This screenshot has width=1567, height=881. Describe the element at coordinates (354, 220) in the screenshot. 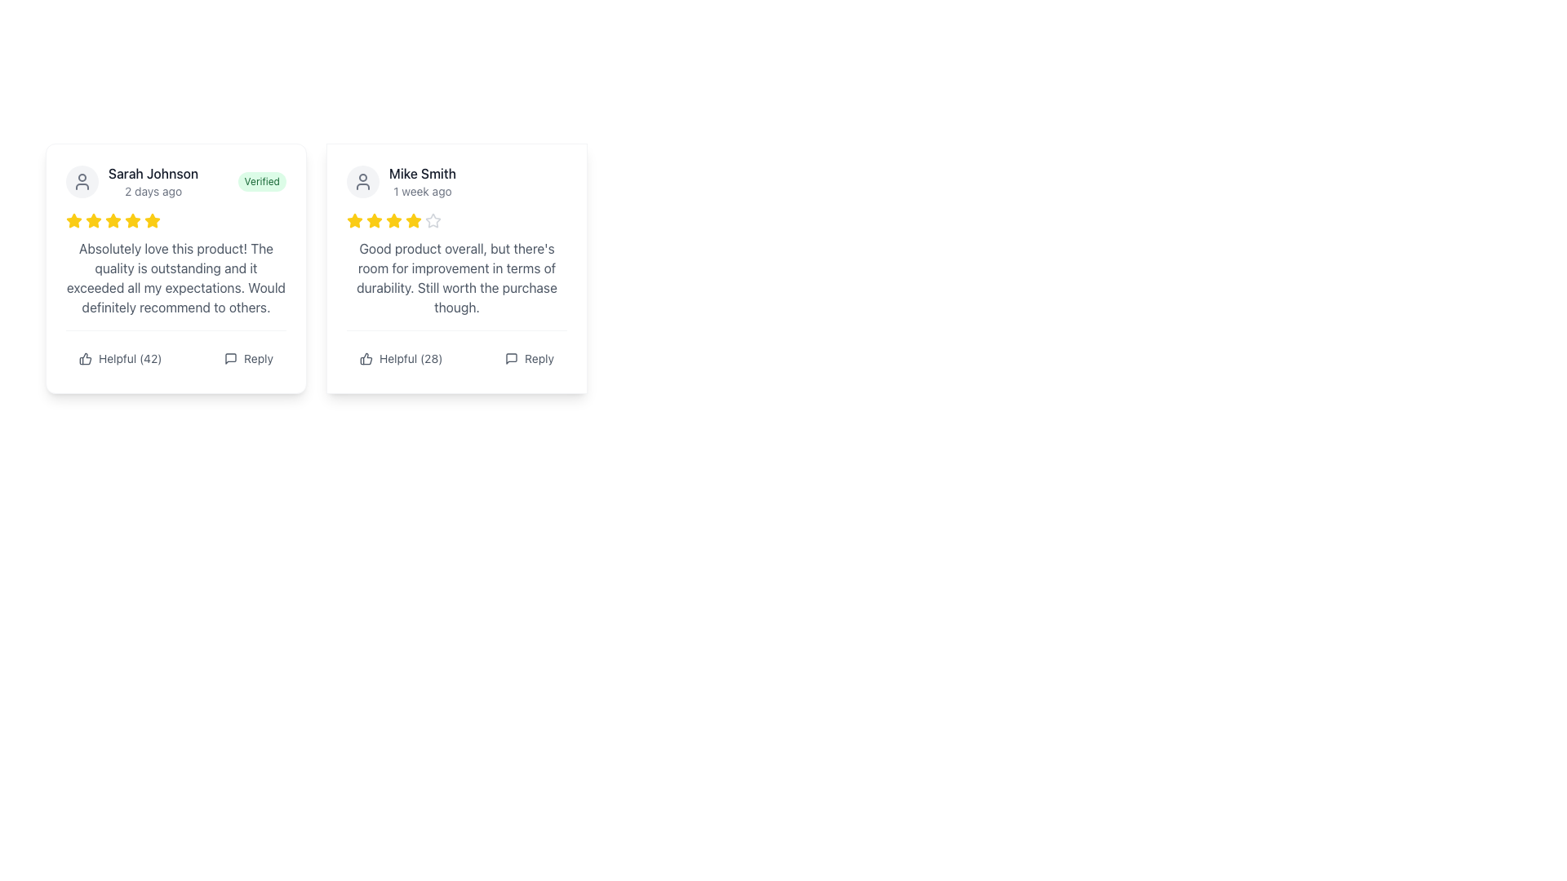

I see `the star icon representing the user's rating for the product, located on the right card under 'Mike Smith', which is the first star in a five-star rating system` at that location.